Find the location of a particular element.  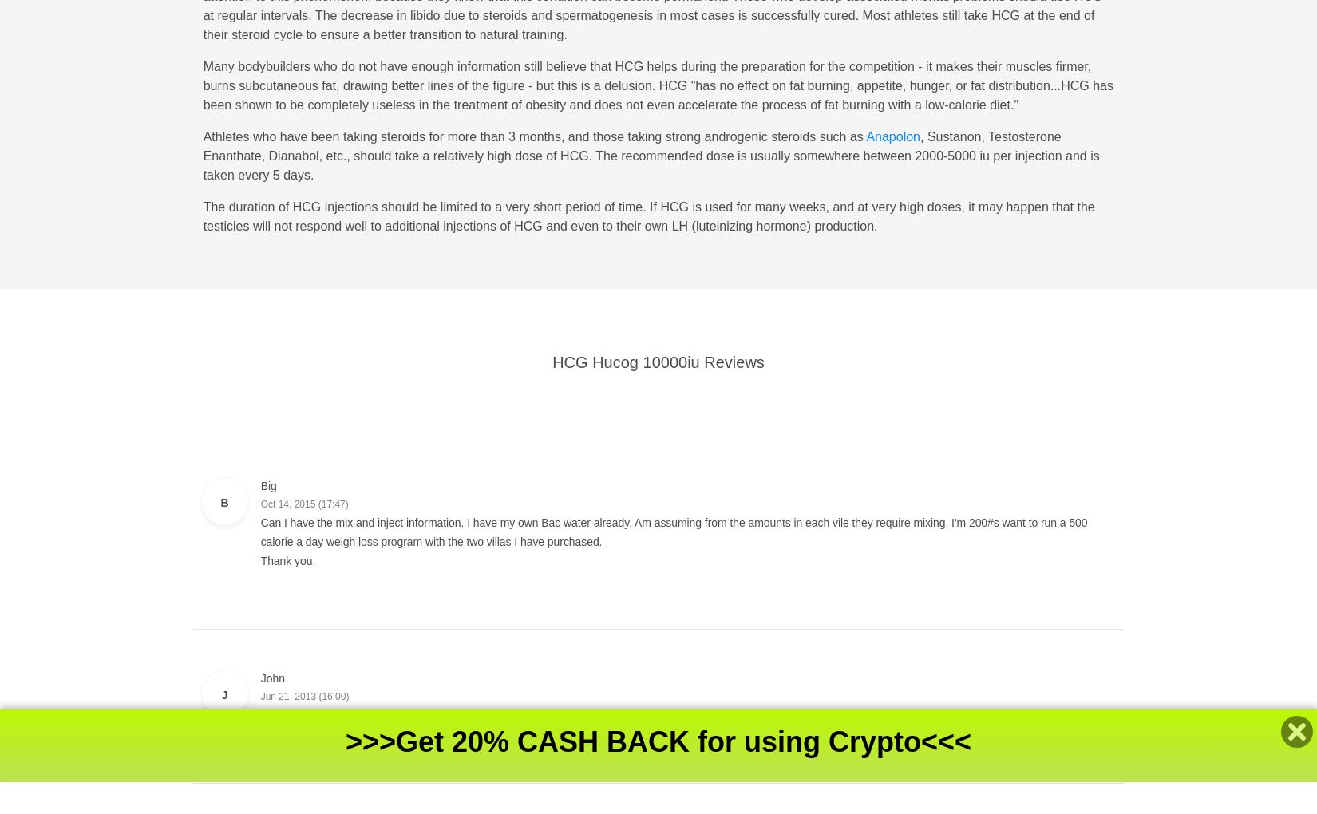

'Athletes who have been taking steroids for more than 3 months, and those taking strong androgenic steroids such as' is located at coordinates (202, 136).